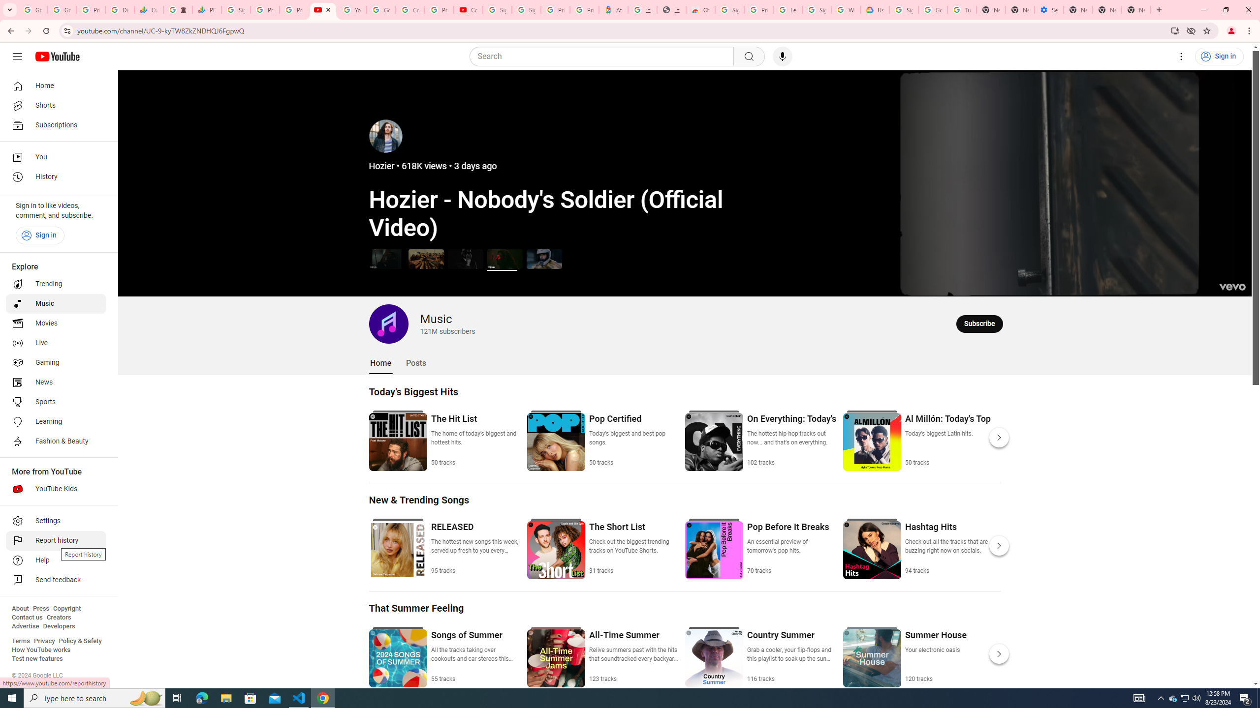 The height and width of the screenshot is (708, 1260). What do you see at coordinates (1136, 9) in the screenshot?
I see `'New Tab'` at bounding box center [1136, 9].